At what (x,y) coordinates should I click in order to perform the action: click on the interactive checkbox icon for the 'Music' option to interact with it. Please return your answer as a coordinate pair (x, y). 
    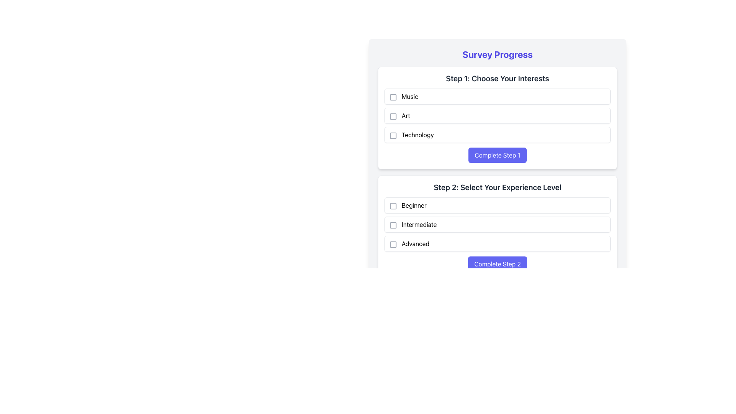
    Looking at the image, I should click on (393, 97).